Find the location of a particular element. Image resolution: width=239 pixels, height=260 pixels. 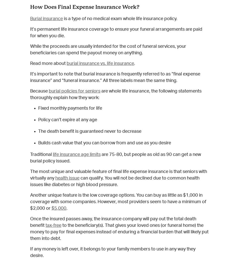

'tax-free' is located at coordinates (53, 225).